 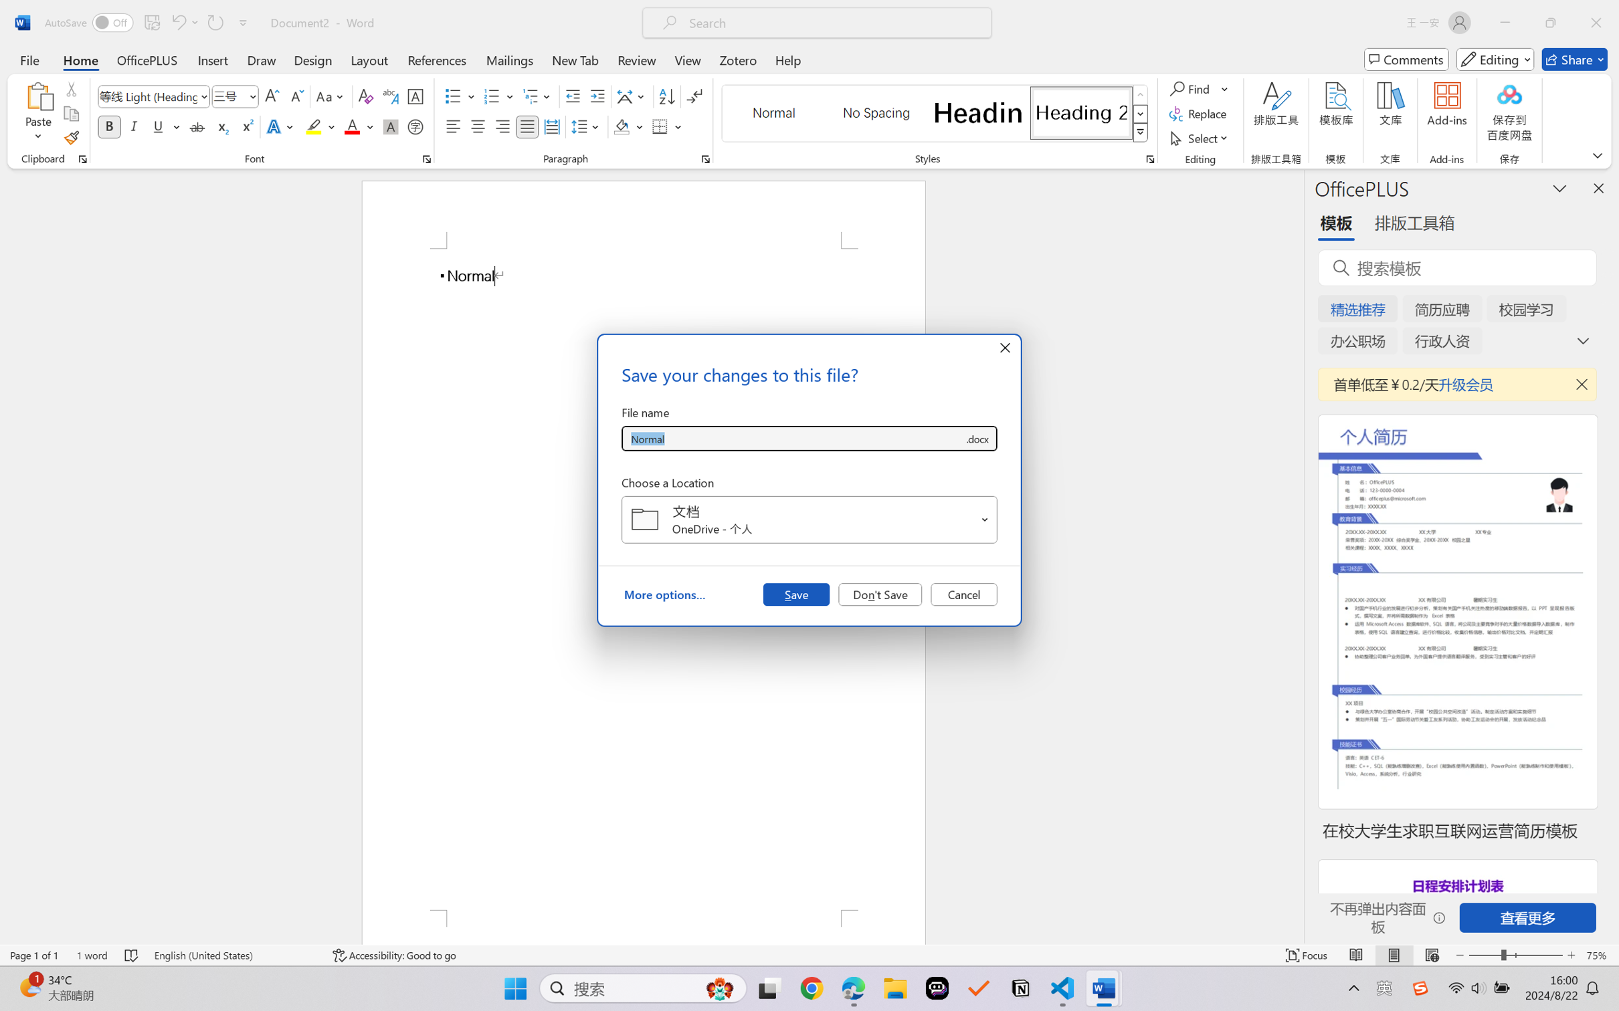 What do you see at coordinates (157, 126) in the screenshot?
I see `'Underline'` at bounding box center [157, 126].